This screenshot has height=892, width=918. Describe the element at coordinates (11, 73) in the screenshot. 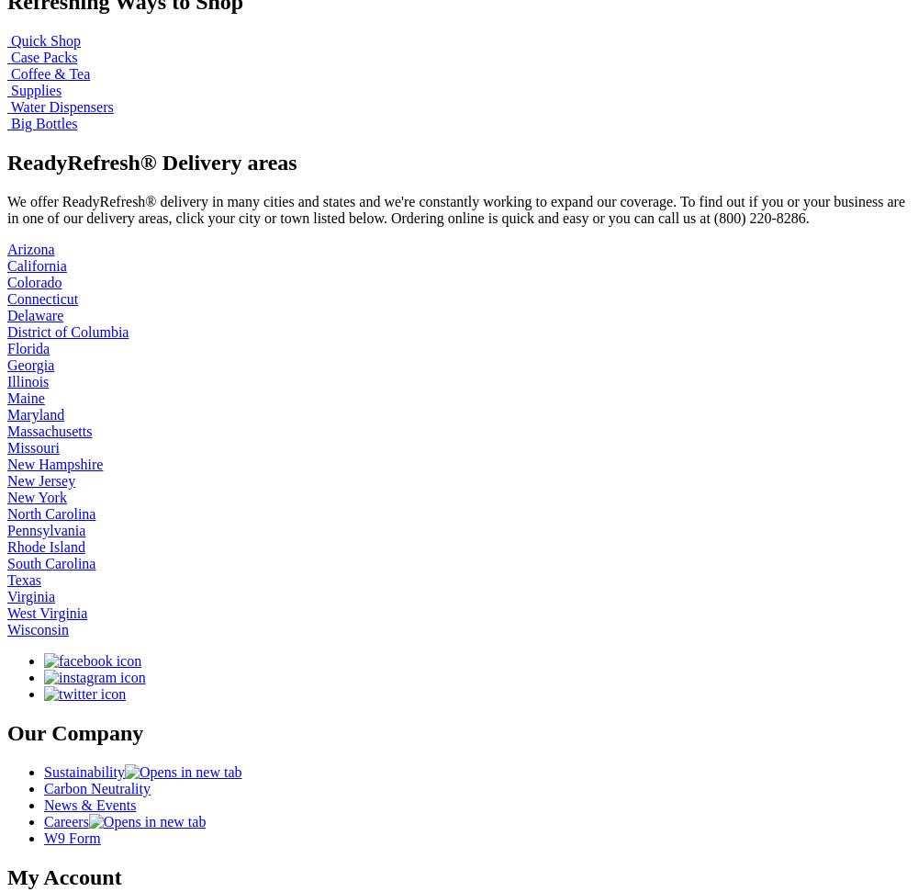

I see `'Coffee & Tea'` at that location.